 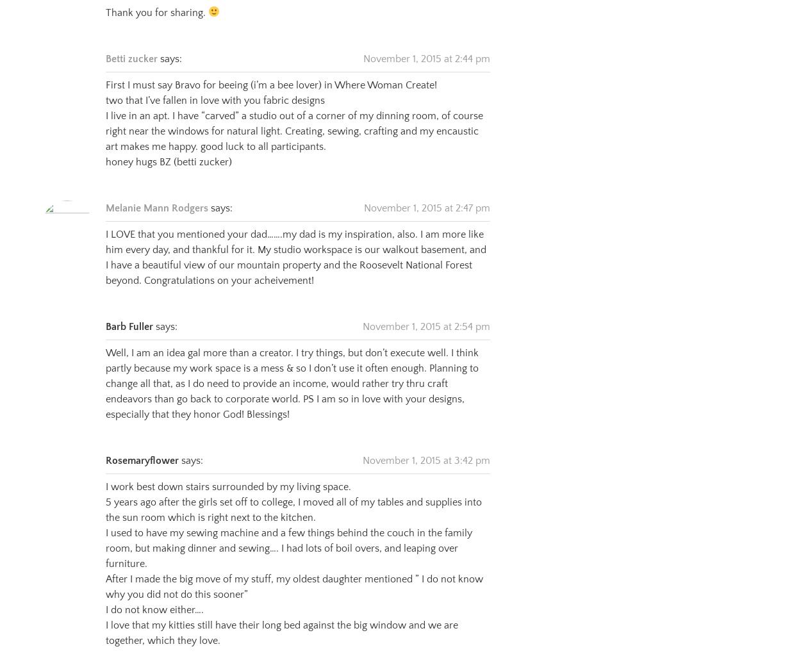 What do you see at coordinates (106, 593) in the screenshot?
I see `'I do not know either….'` at bounding box center [106, 593].